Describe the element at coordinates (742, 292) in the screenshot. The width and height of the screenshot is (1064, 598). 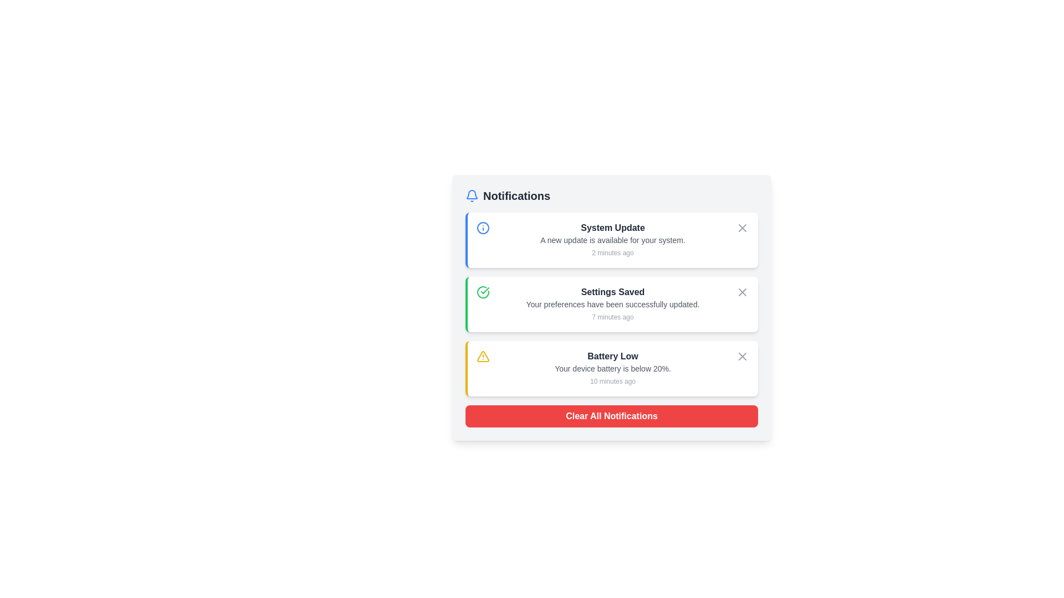
I see `the dismiss button represented by an 'X' icon in light gray that turns red on hover, located at the top-right corner of the 'Settings Saved' notification card` at that location.